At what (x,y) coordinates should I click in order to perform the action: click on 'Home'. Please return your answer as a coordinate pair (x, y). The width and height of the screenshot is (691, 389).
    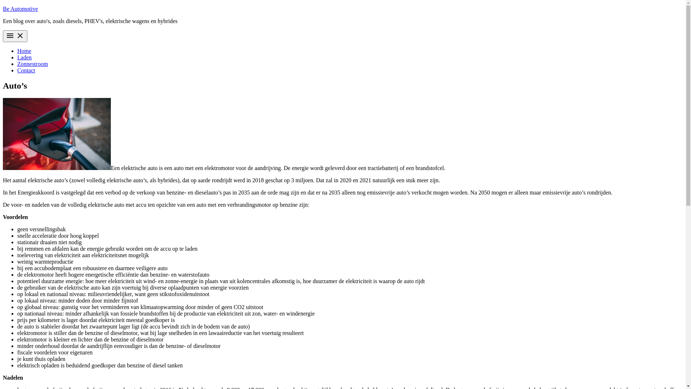
    Looking at the image, I should click on (24, 50).